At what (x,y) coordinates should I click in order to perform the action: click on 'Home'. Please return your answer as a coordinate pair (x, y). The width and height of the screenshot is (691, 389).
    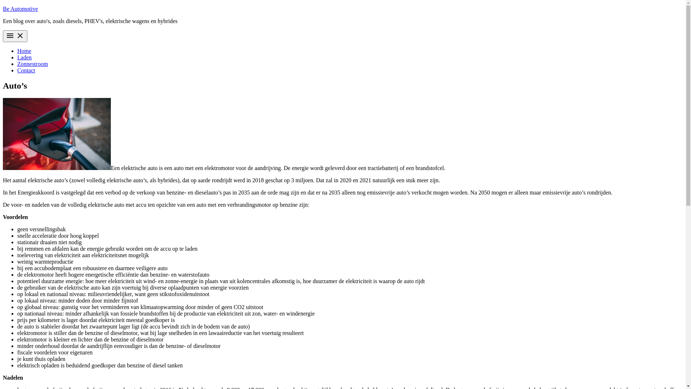
    Looking at the image, I should click on (24, 50).